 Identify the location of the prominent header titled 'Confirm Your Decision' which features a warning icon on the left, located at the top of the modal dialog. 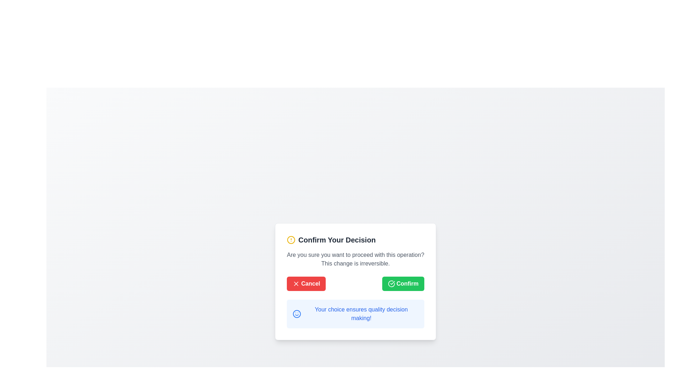
(356, 240).